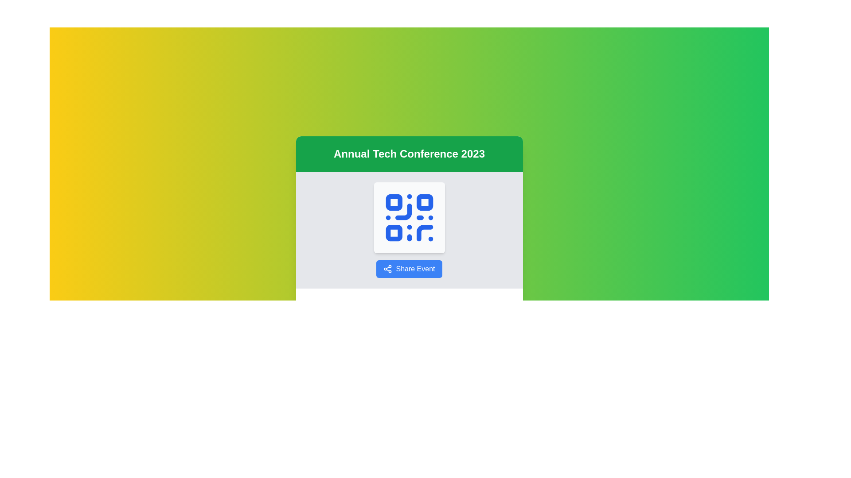 This screenshot has height=478, width=851. Describe the element at coordinates (393, 232) in the screenshot. I see `the small, blue square-shaped vector shape located at the bottom-left corner of the QR code graphic` at that location.